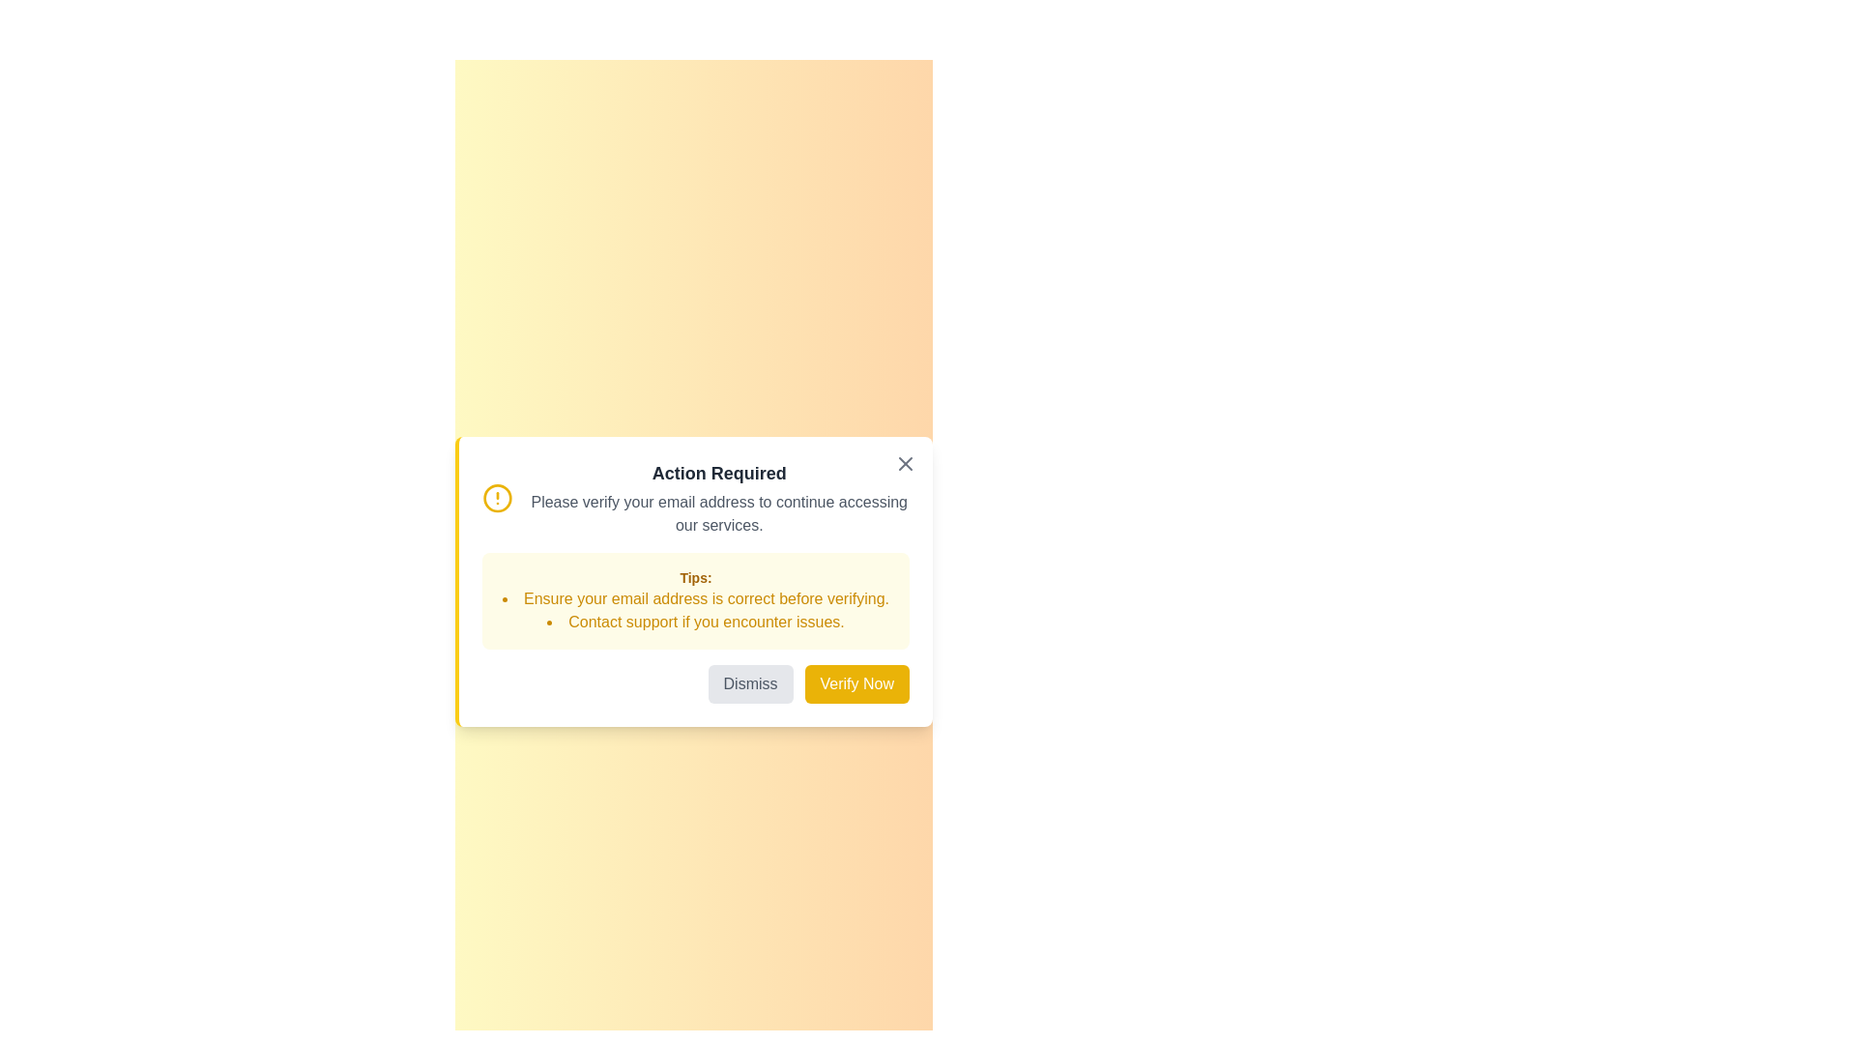  What do you see at coordinates (855, 683) in the screenshot?
I see `'Verify Now' button to proceed with email verification` at bounding box center [855, 683].